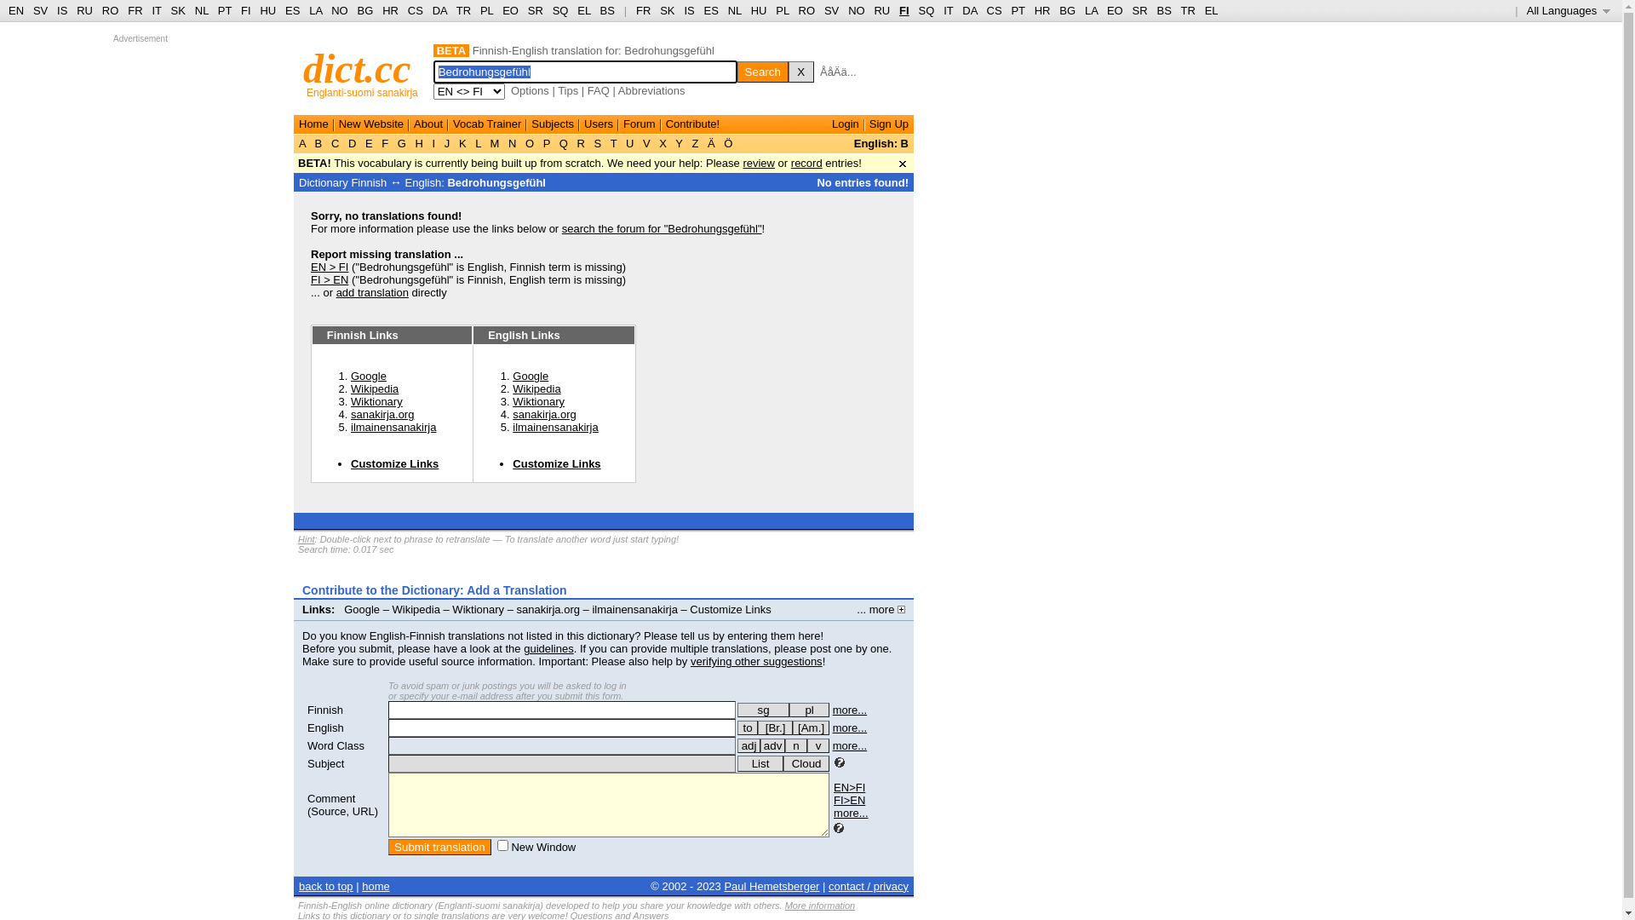 The height and width of the screenshot is (920, 1635). I want to click on 'Submit translation', so click(387, 847).